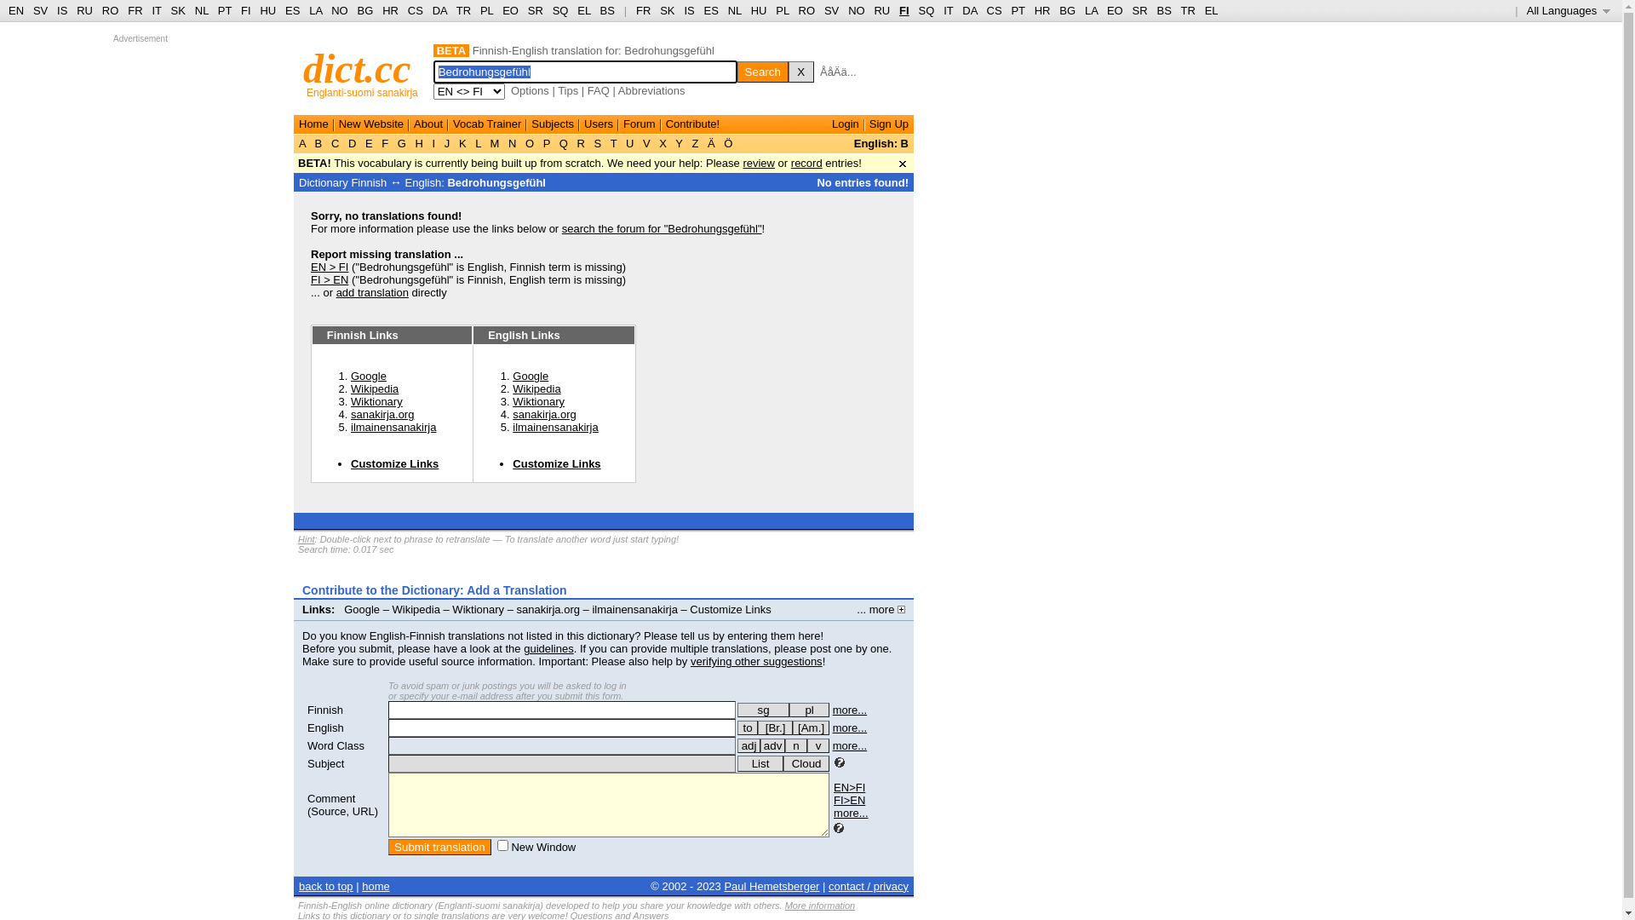 The height and width of the screenshot is (920, 1635). I want to click on 'Submit translation', so click(387, 847).